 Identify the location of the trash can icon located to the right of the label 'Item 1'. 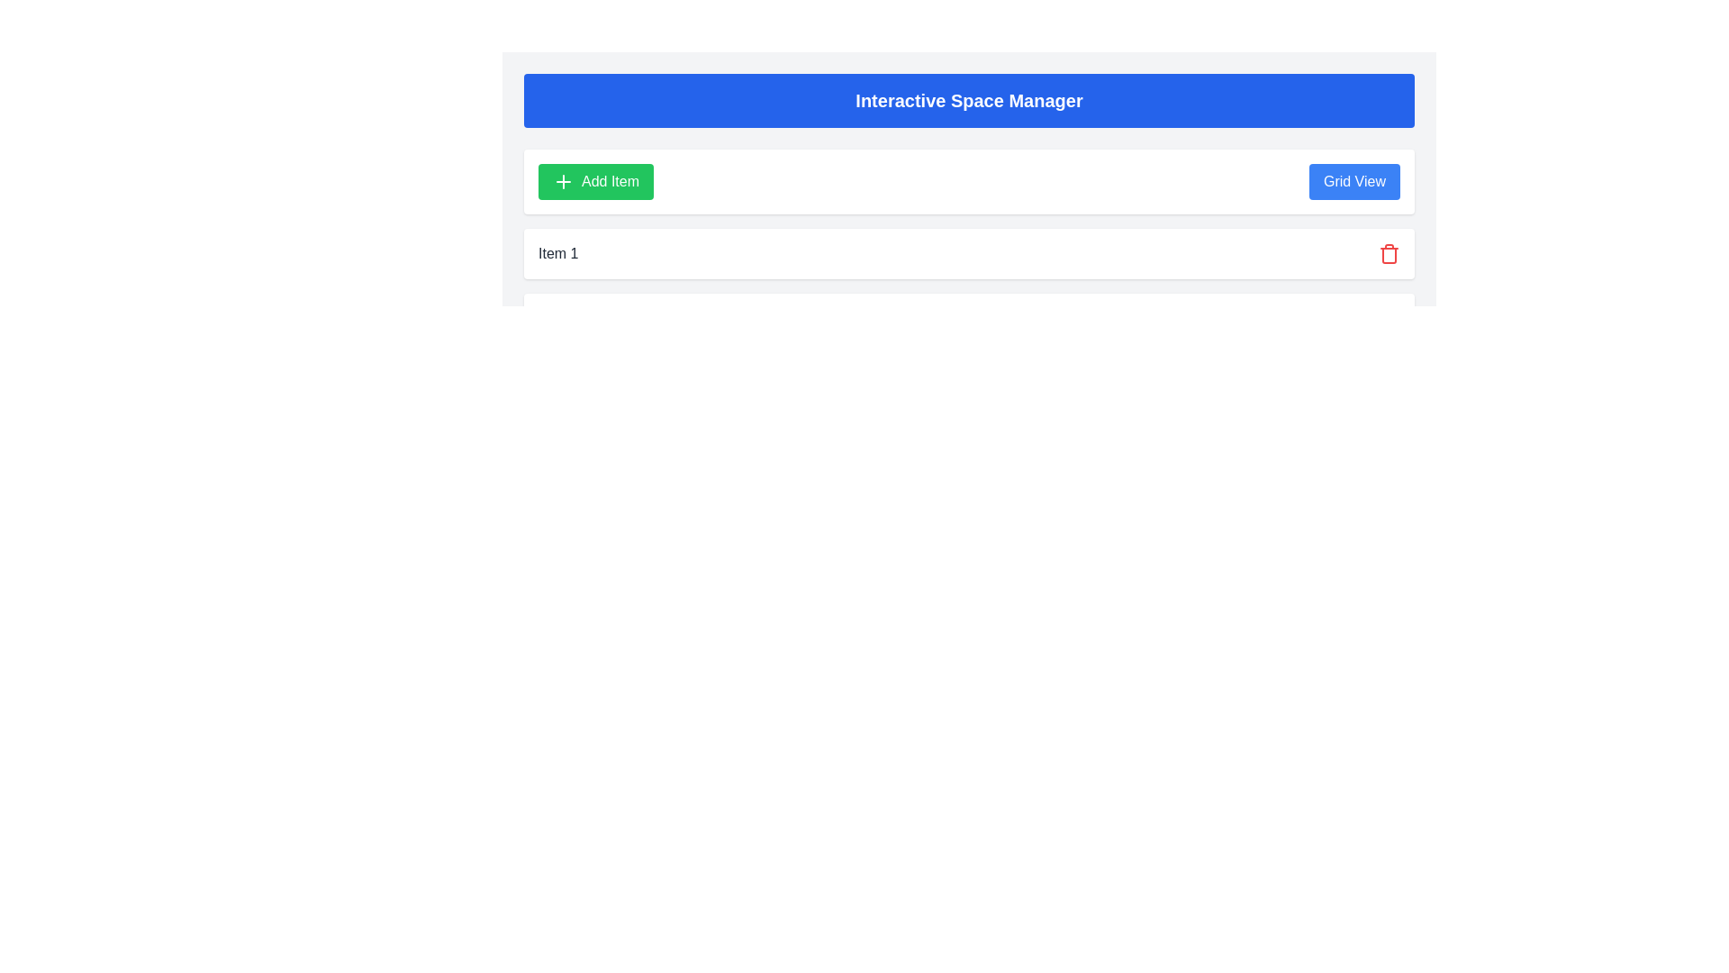
(1388, 253).